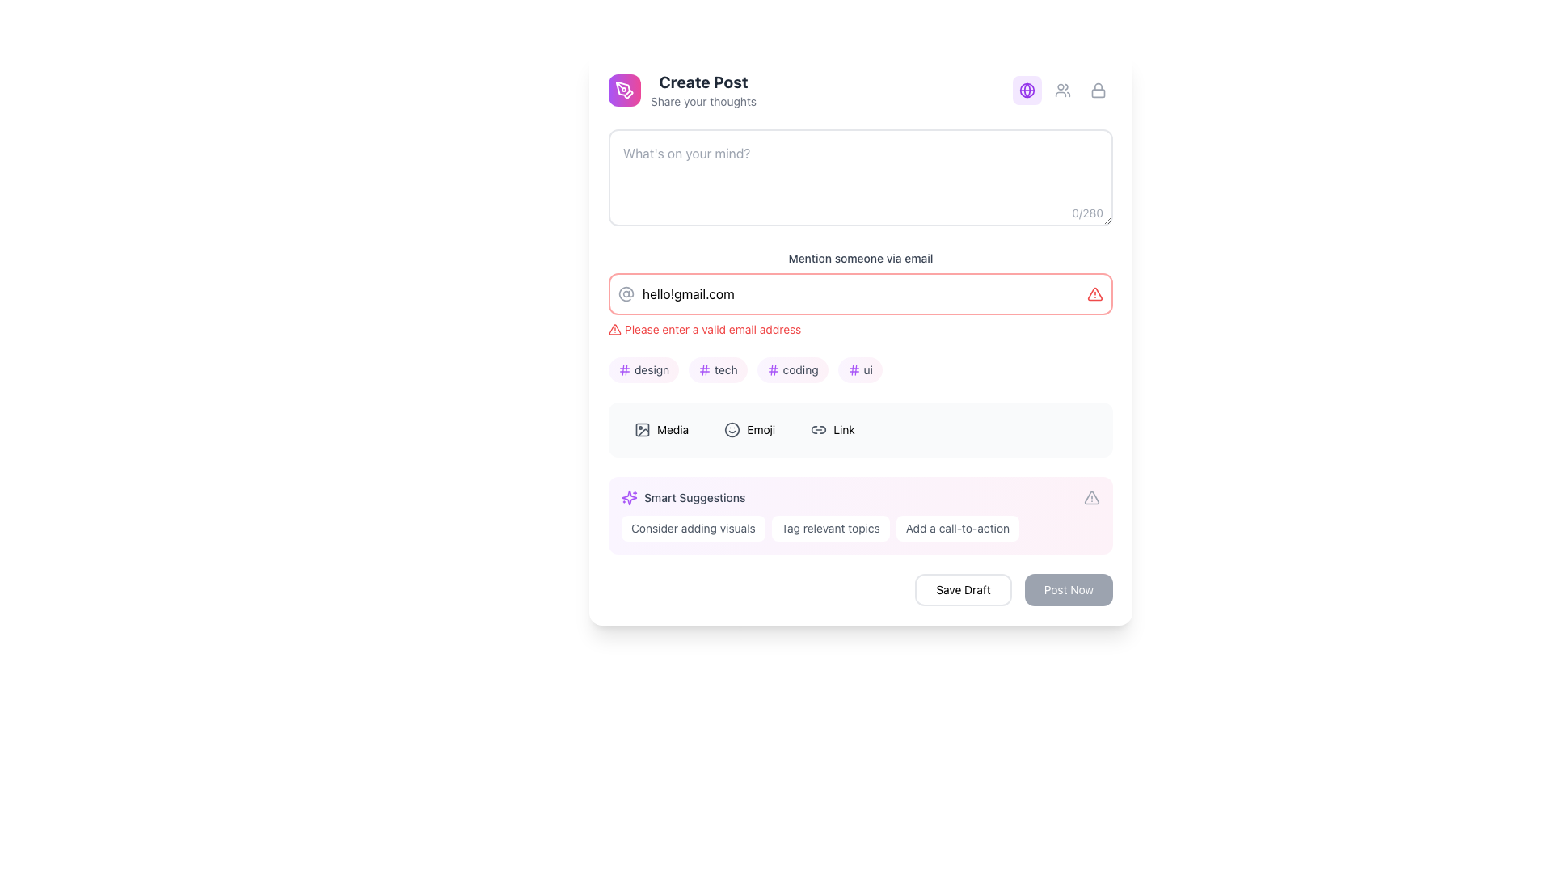 Image resolution: width=1552 pixels, height=873 pixels. Describe the element at coordinates (652, 370) in the screenshot. I see `the text label displaying 'design' within the gradient-filled button` at that location.